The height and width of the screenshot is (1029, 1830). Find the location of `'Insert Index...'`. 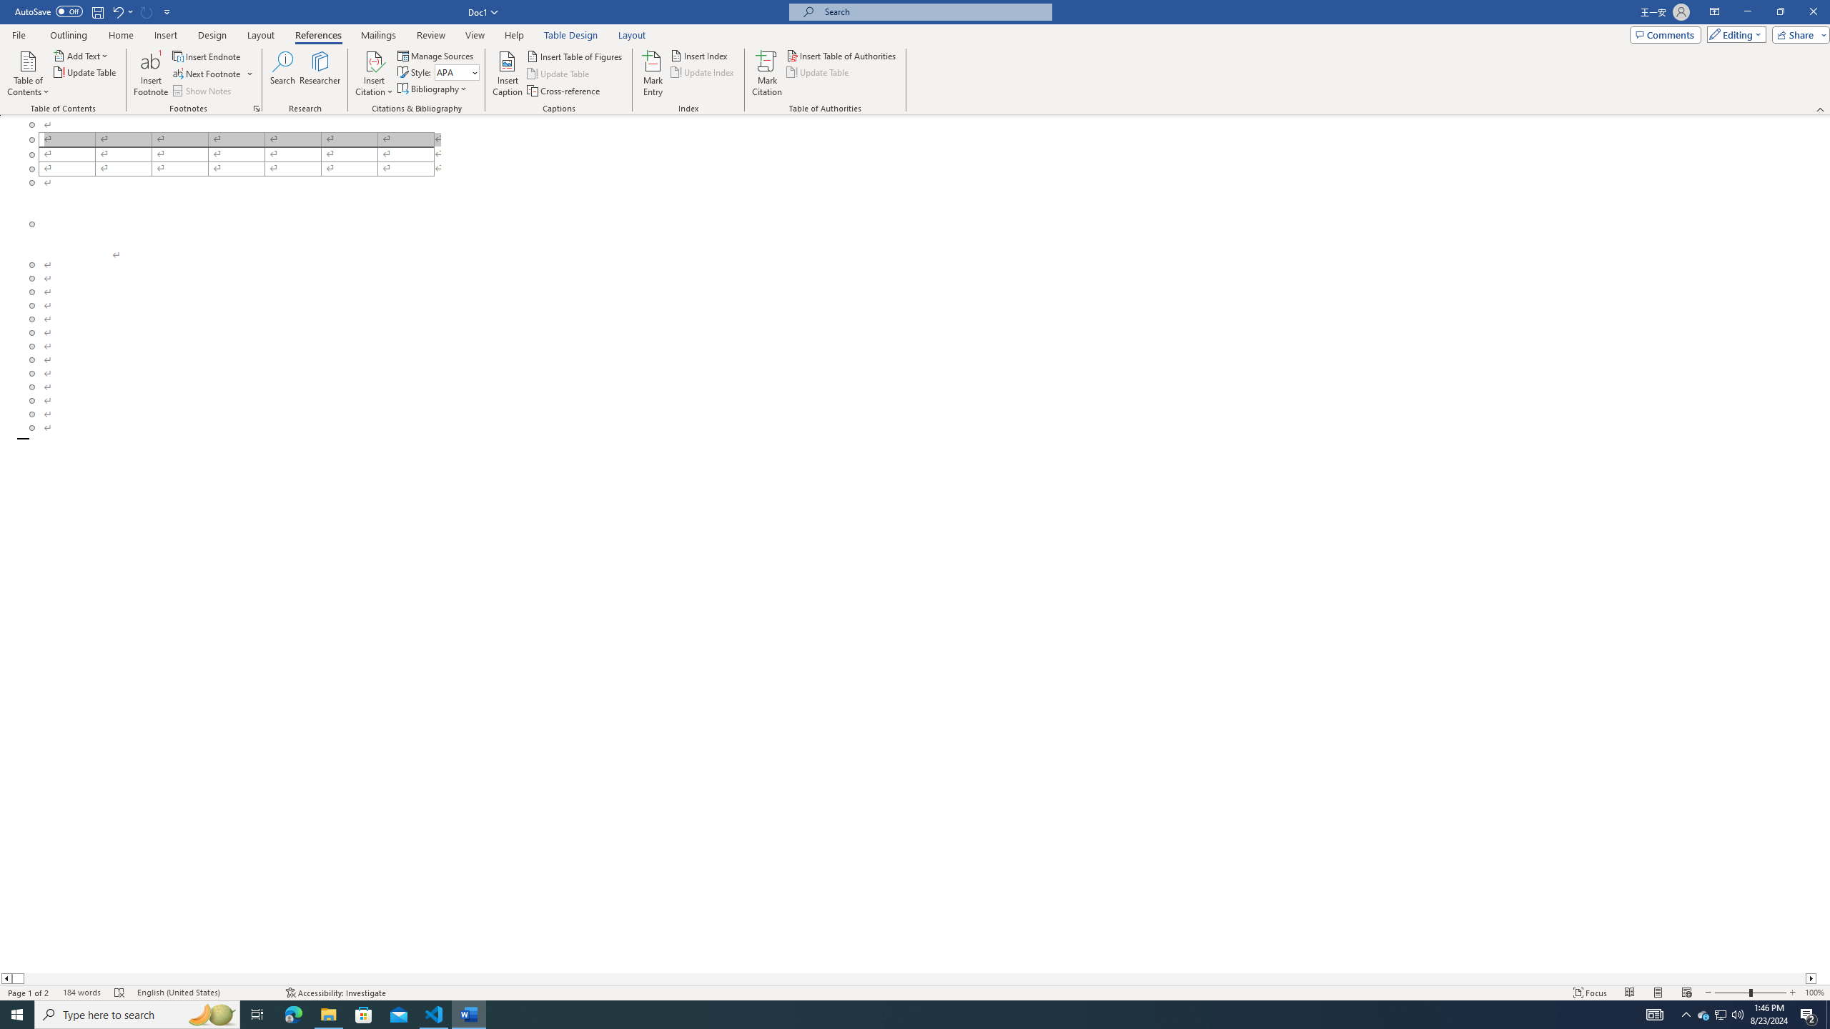

'Insert Index...' is located at coordinates (699, 55).